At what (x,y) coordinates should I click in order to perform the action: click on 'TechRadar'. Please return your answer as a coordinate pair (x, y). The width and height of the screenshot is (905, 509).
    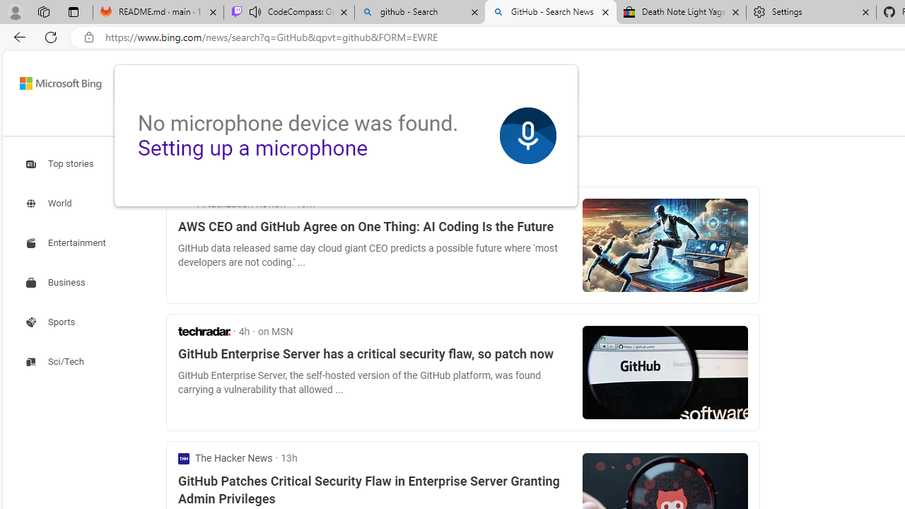
    Looking at the image, I should click on (204, 331).